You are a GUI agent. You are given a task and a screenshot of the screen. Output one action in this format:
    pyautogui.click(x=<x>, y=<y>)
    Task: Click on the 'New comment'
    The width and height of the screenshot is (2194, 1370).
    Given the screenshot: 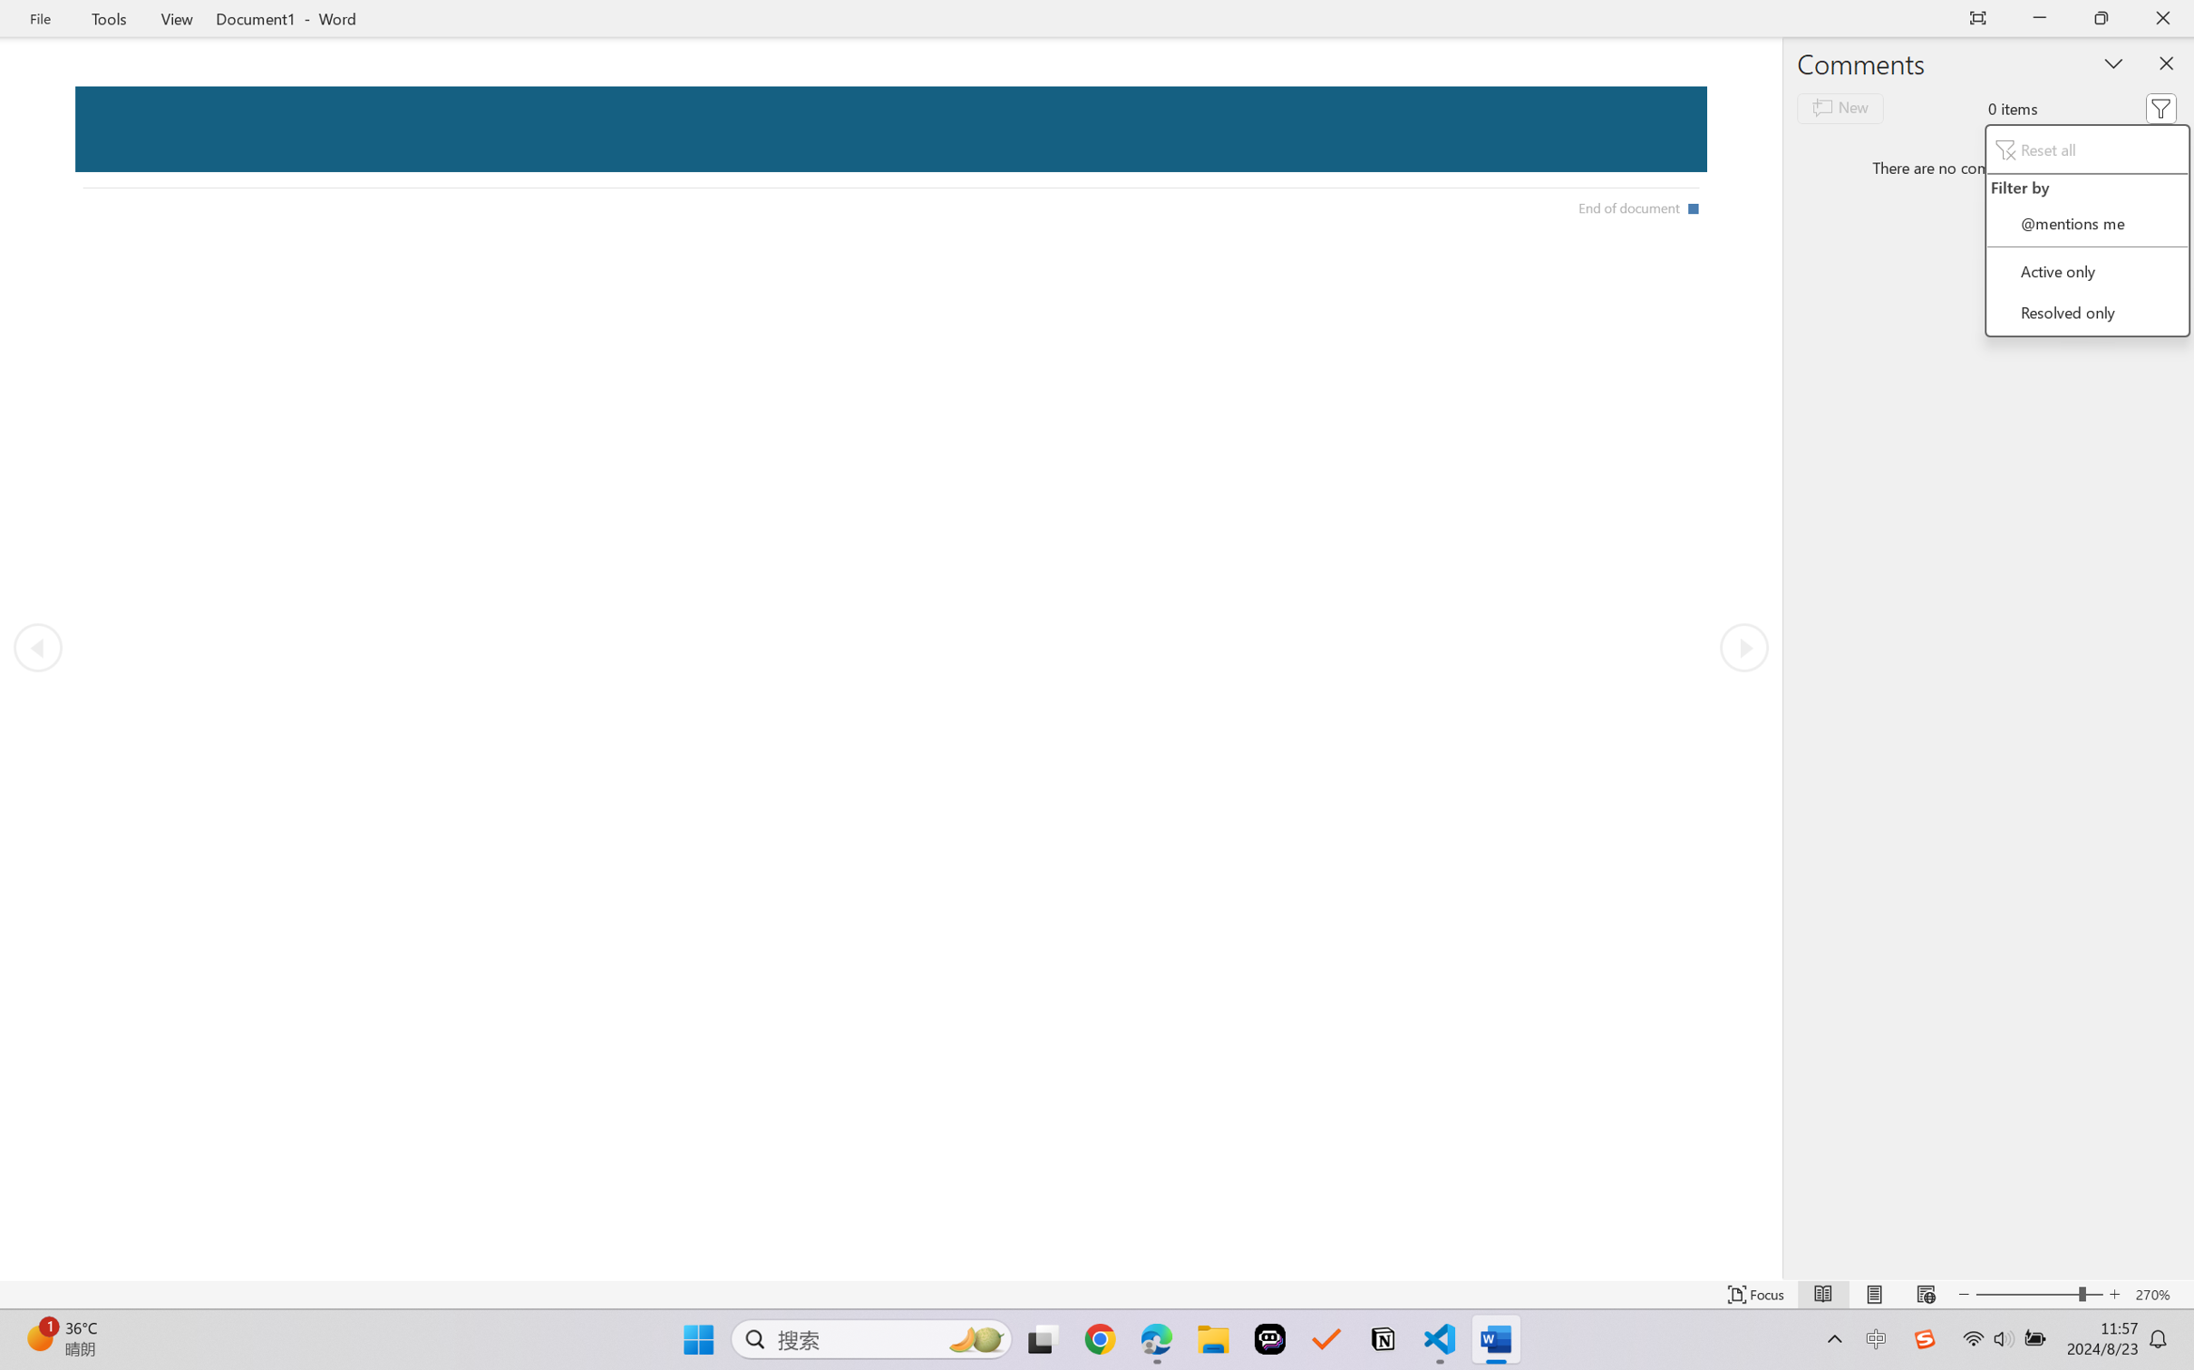 What is the action you would take?
    pyautogui.click(x=1840, y=109)
    